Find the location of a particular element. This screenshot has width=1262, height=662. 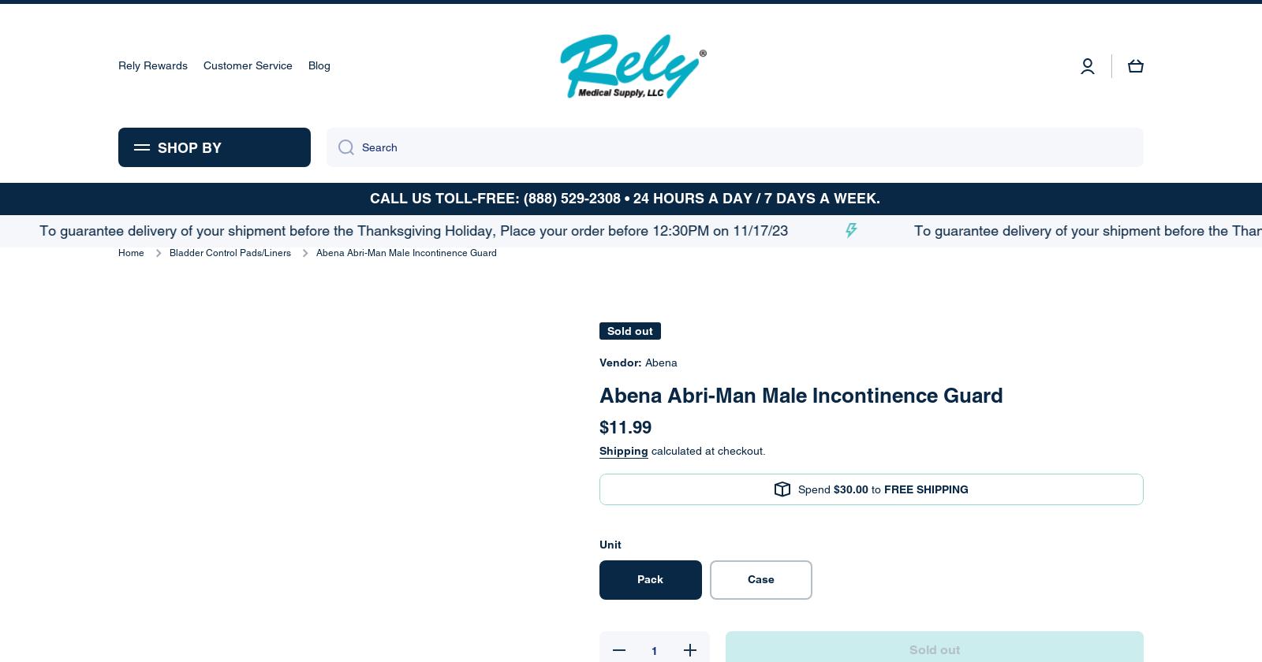

'Sold out' is located at coordinates (1097, 22).